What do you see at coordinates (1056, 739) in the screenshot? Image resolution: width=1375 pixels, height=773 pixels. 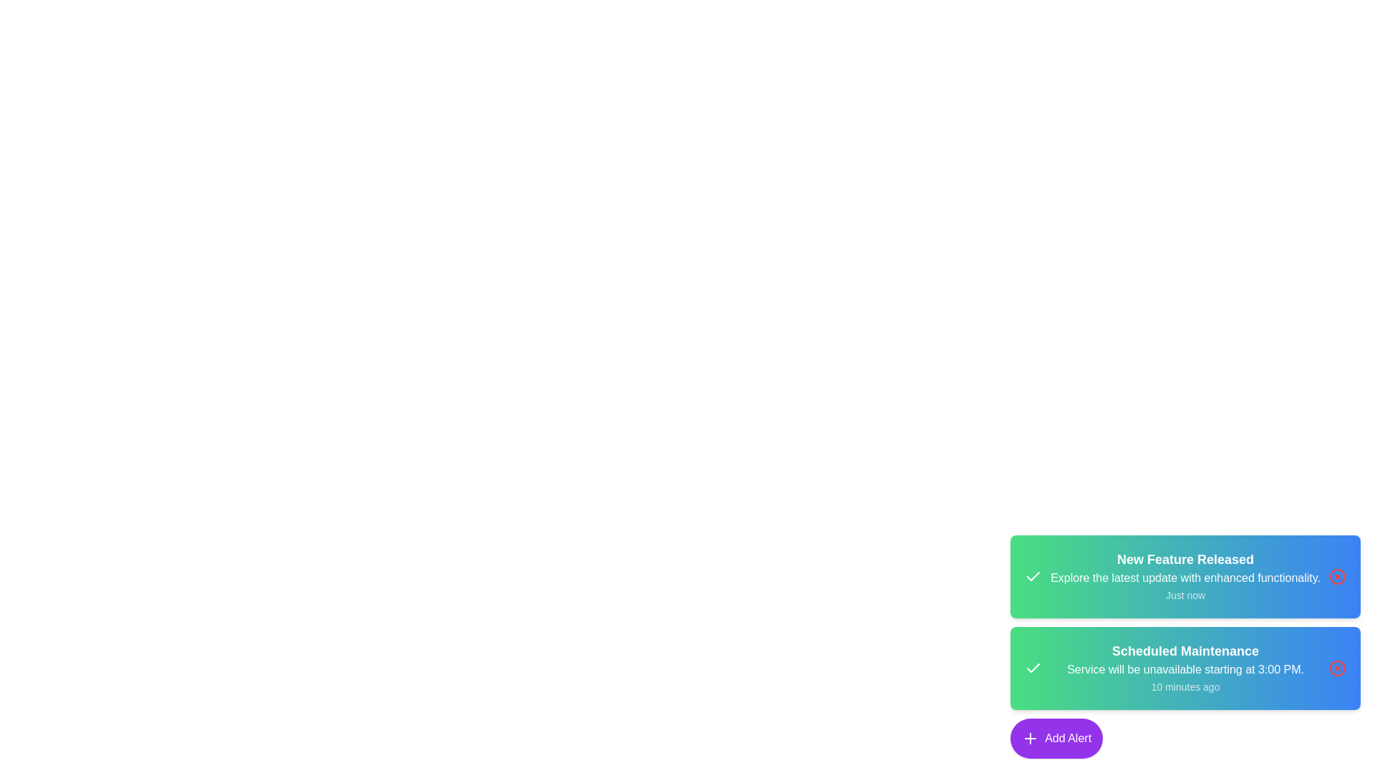 I see `the 'Add Alert' button to add a new alert` at bounding box center [1056, 739].